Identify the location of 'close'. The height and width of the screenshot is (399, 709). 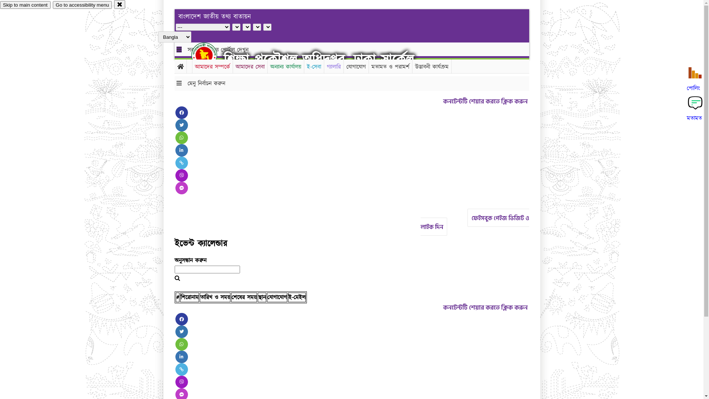
(113, 4).